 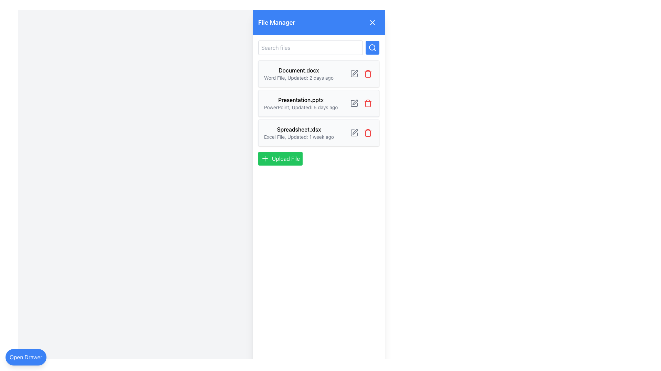 What do you see at coordinates (299, 70) in the screenshot?
I see `the primary headline text of the first file entry in the file management interface, which serves as the title or name of the file` at bounding box center [299, 70].